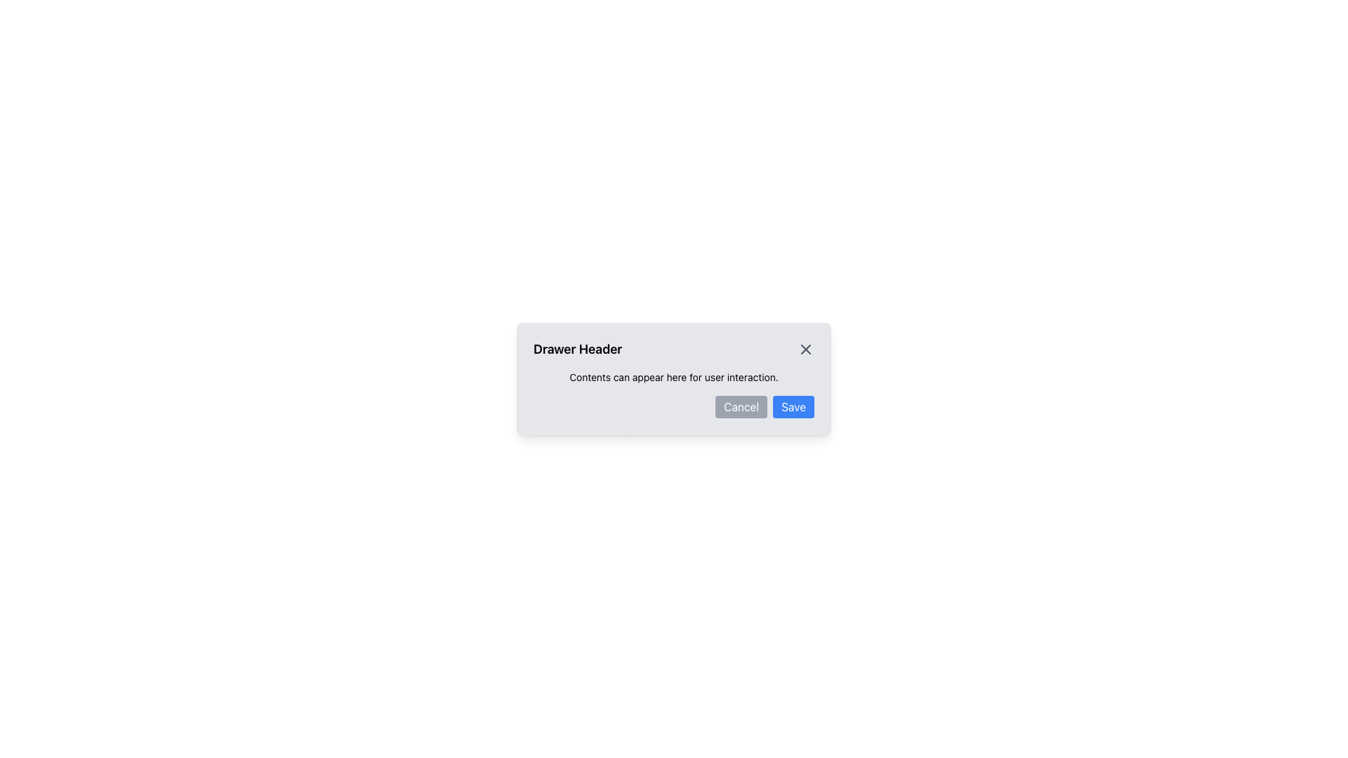  I want to click on the 'Cancel' button, which is a rectangular button with rounded corners located in the bottom right corner of the dialog box, so click(741, 406).